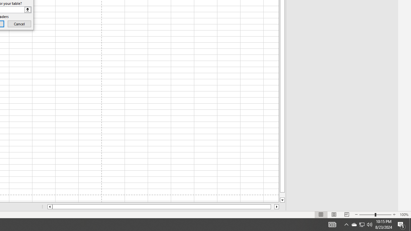 Image resolution: width=411 pixels, height=231 pixels. Describe the element at coordinates (394, 215) in the screenshot. I see `'Zoom In'` at that location.